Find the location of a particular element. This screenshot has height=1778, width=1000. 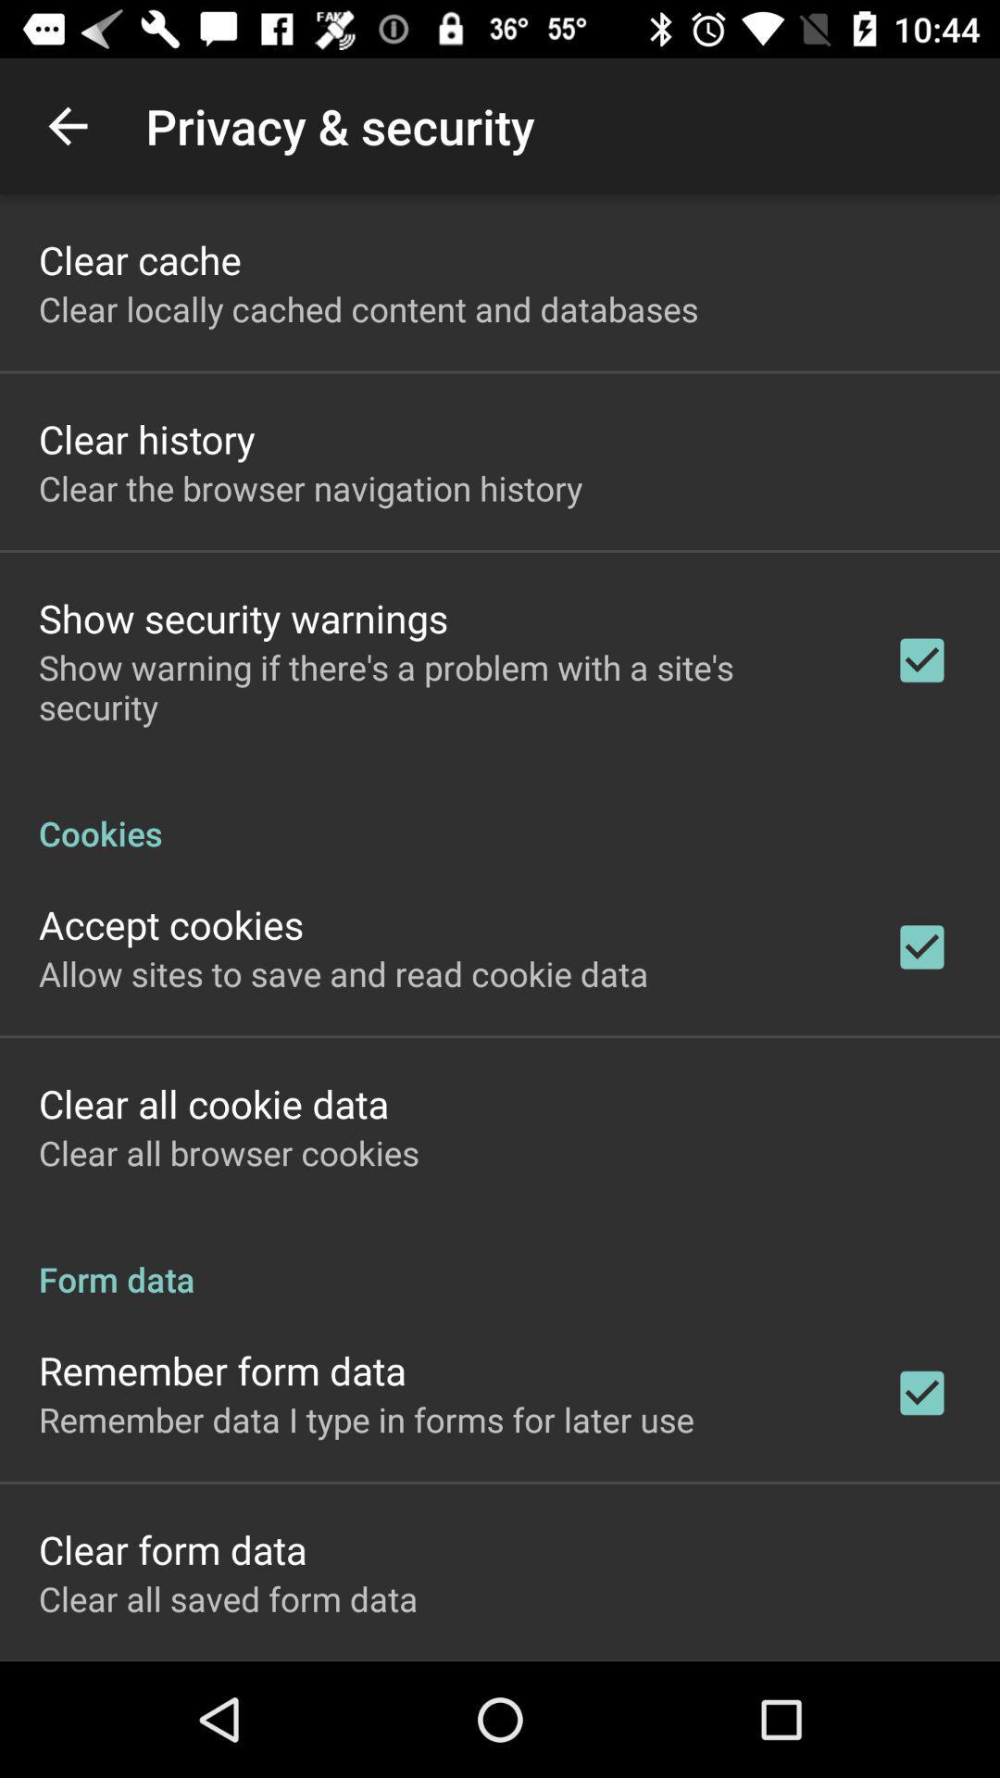

allow sites to app is located at coordinates (344, 972).